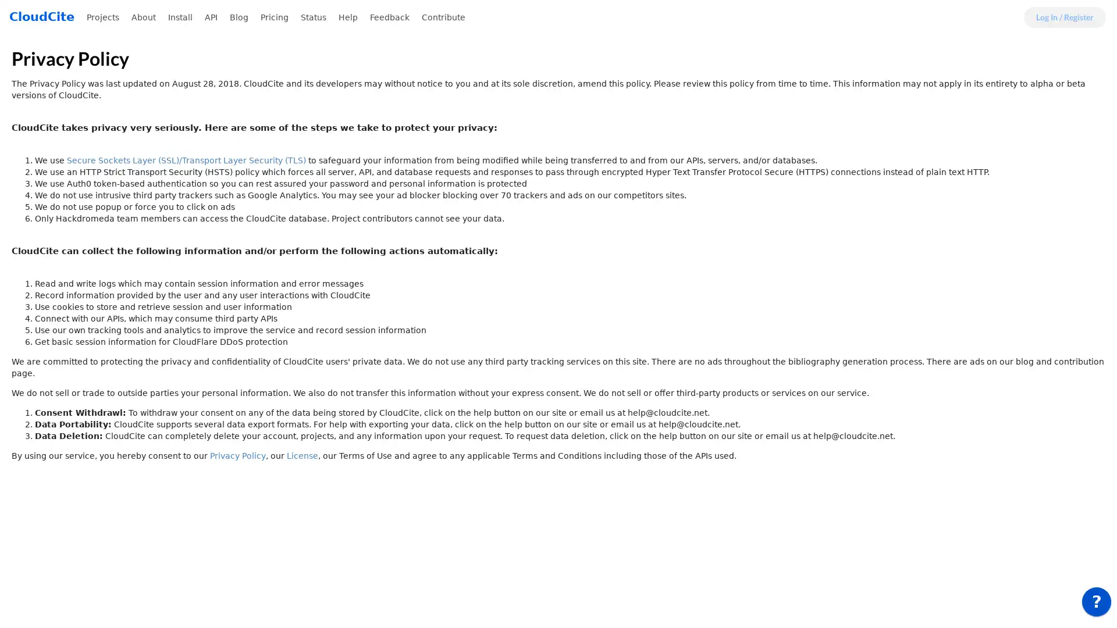  Describe the element at coordinates (1065, 17) in the screenshot. I see `Log In / Register` at that location.